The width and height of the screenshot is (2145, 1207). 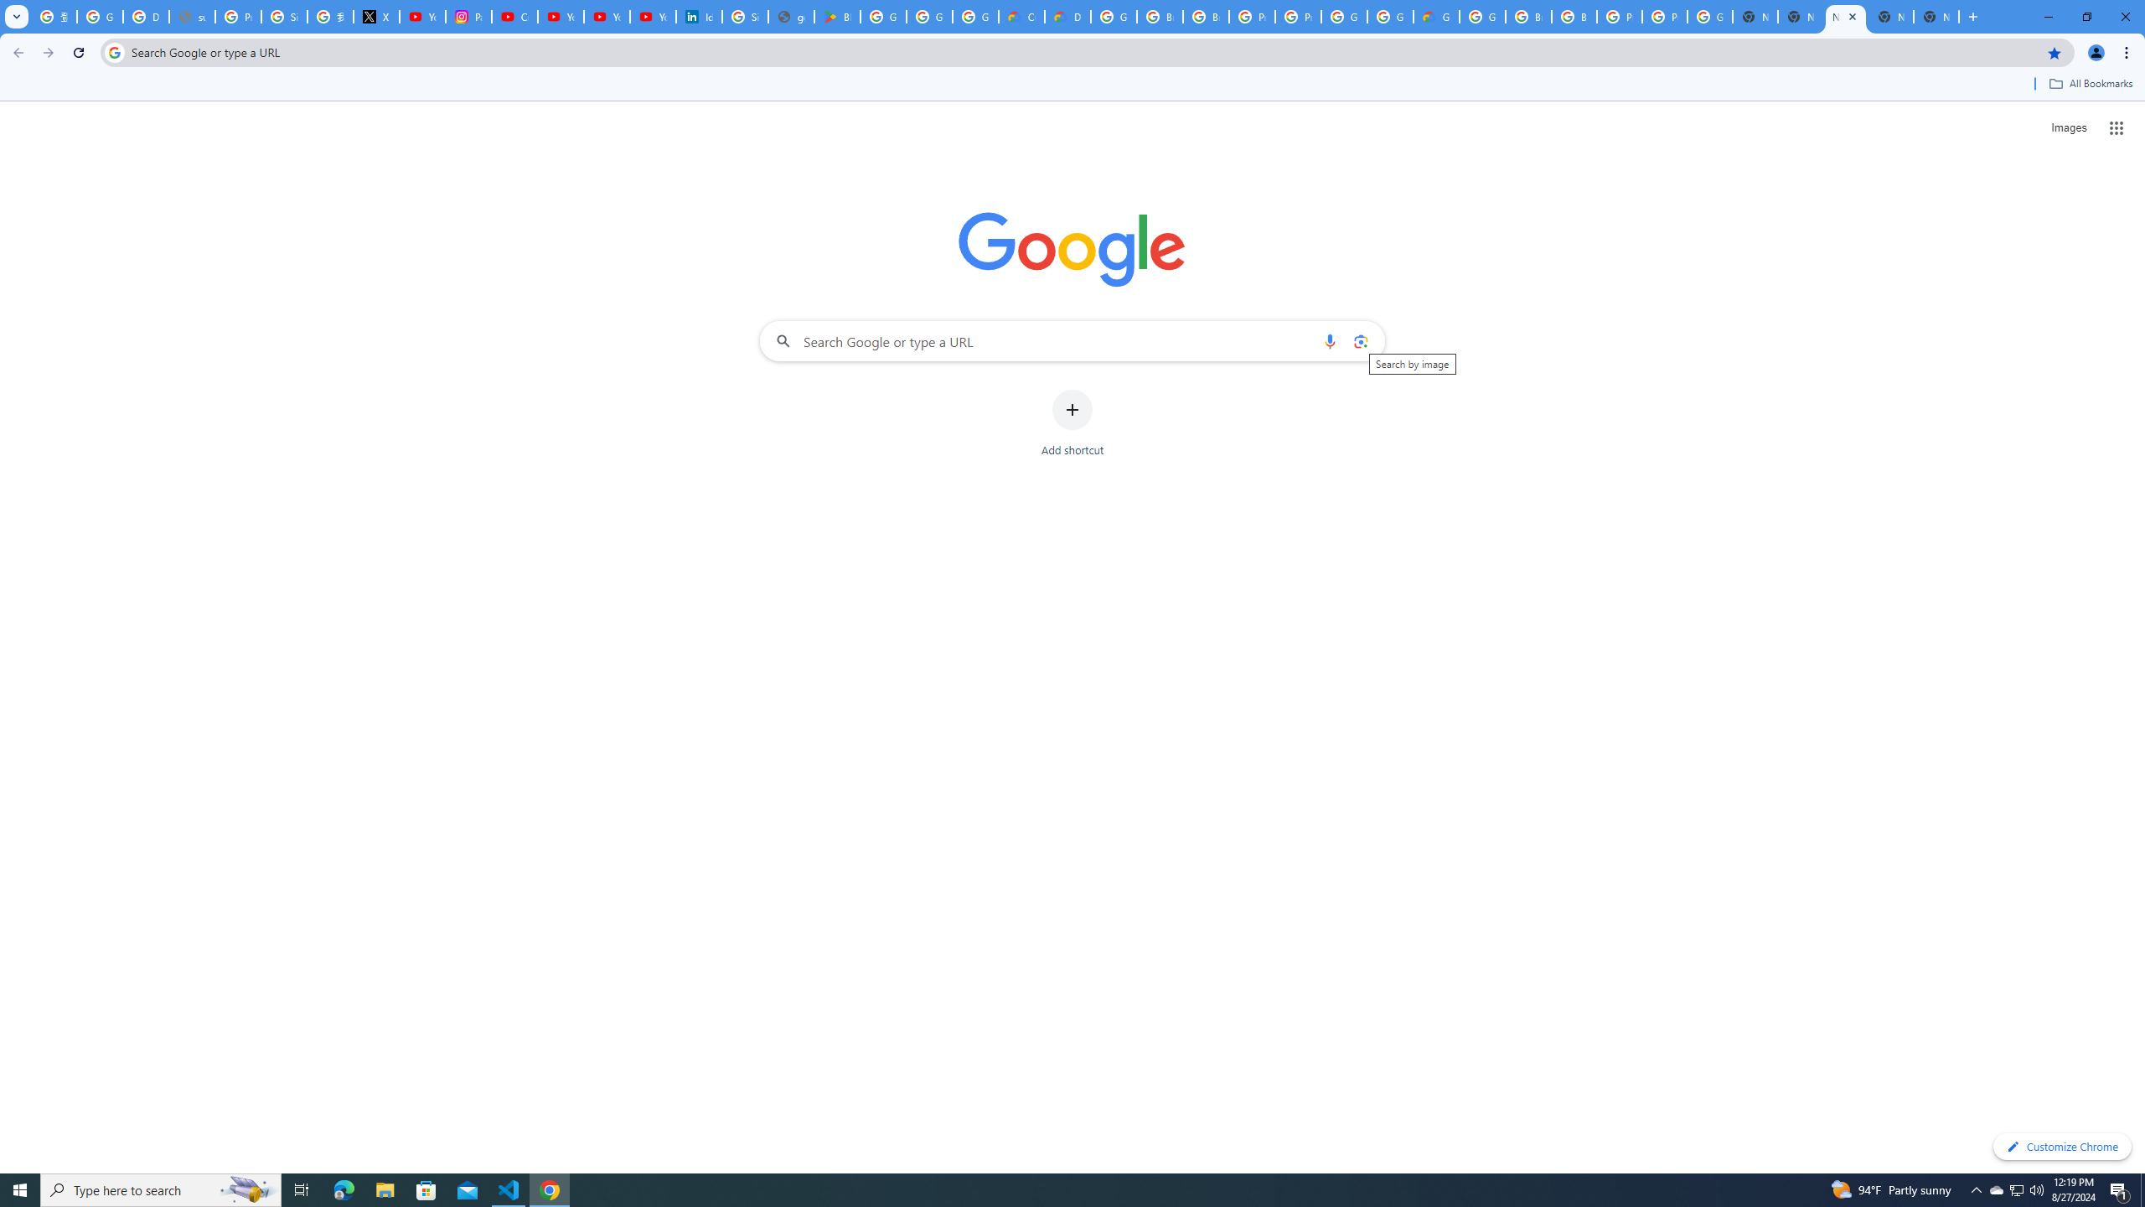 What do you see at coordinates (836, 16) in the screenshot?
I see `'Bluey: Let'` at bounding box center [836, 16].